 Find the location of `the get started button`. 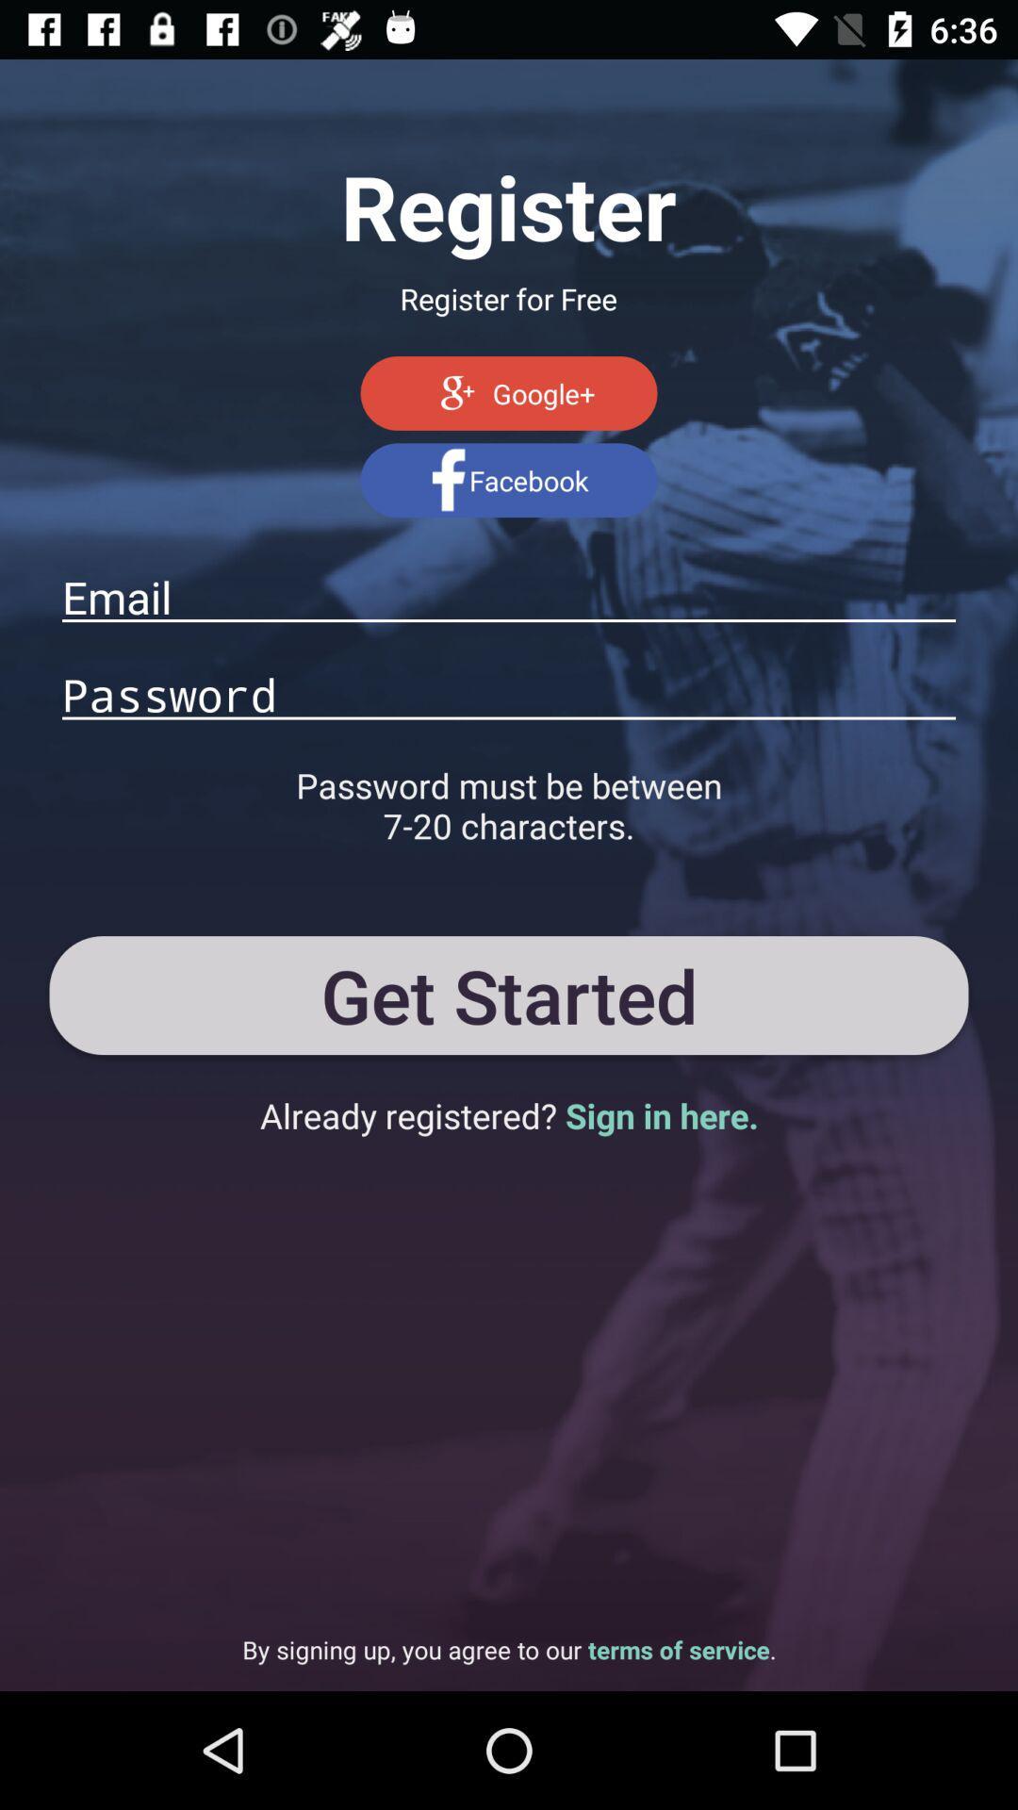

the get started button is located at coordinates (509, 995).